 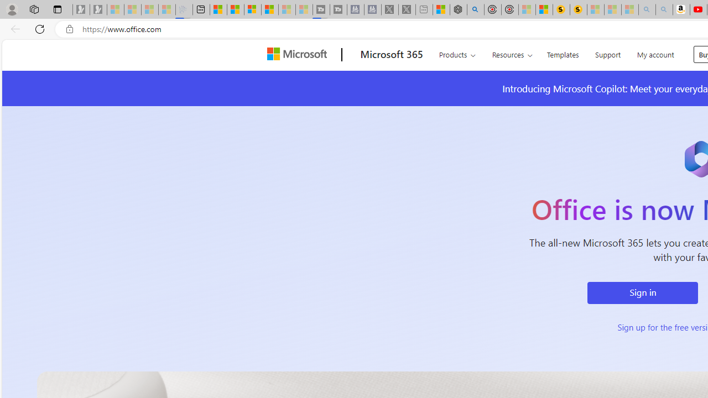 What do you see at coordinates (655, 53) in the screenshot?
I see `'My account'` at bounding box center [655, 53].